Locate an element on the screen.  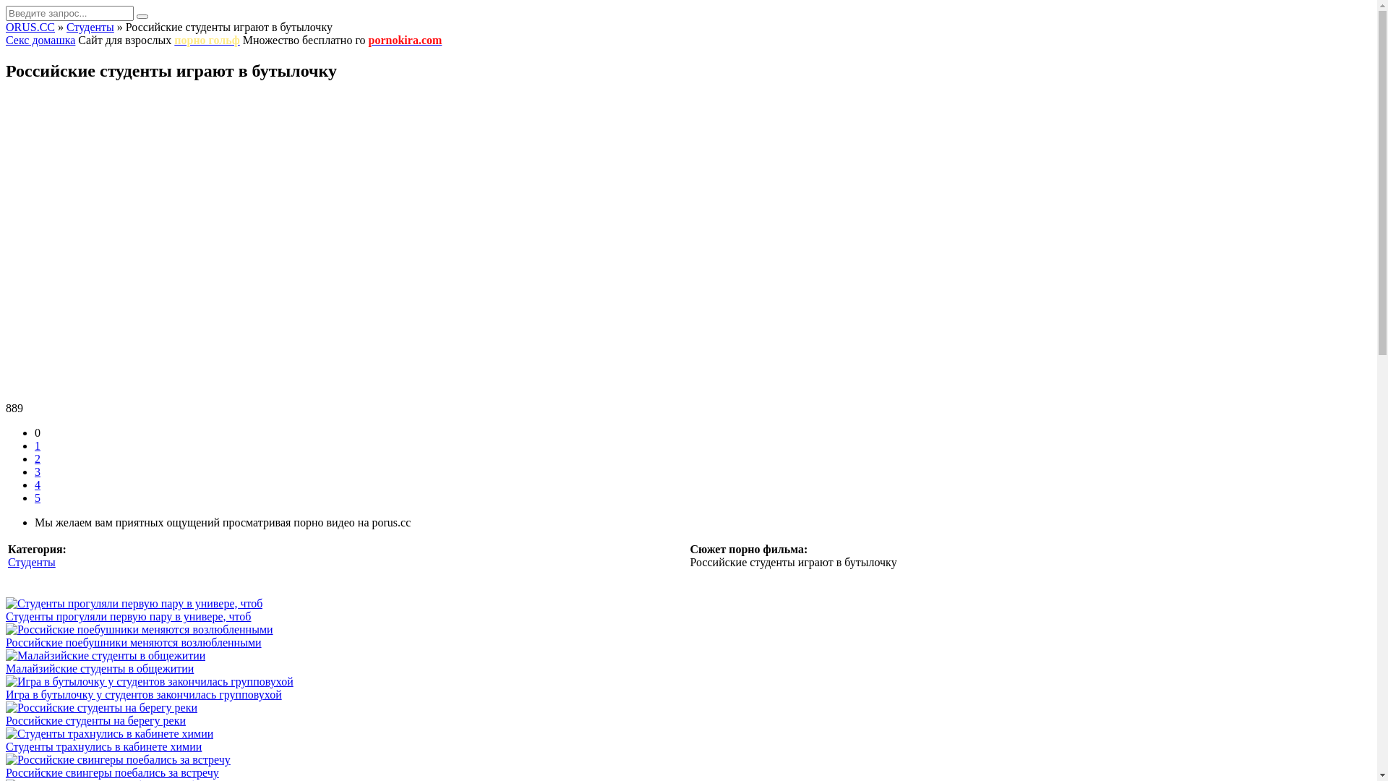
'ORUS.CC' is located at coordinates (30, 27).